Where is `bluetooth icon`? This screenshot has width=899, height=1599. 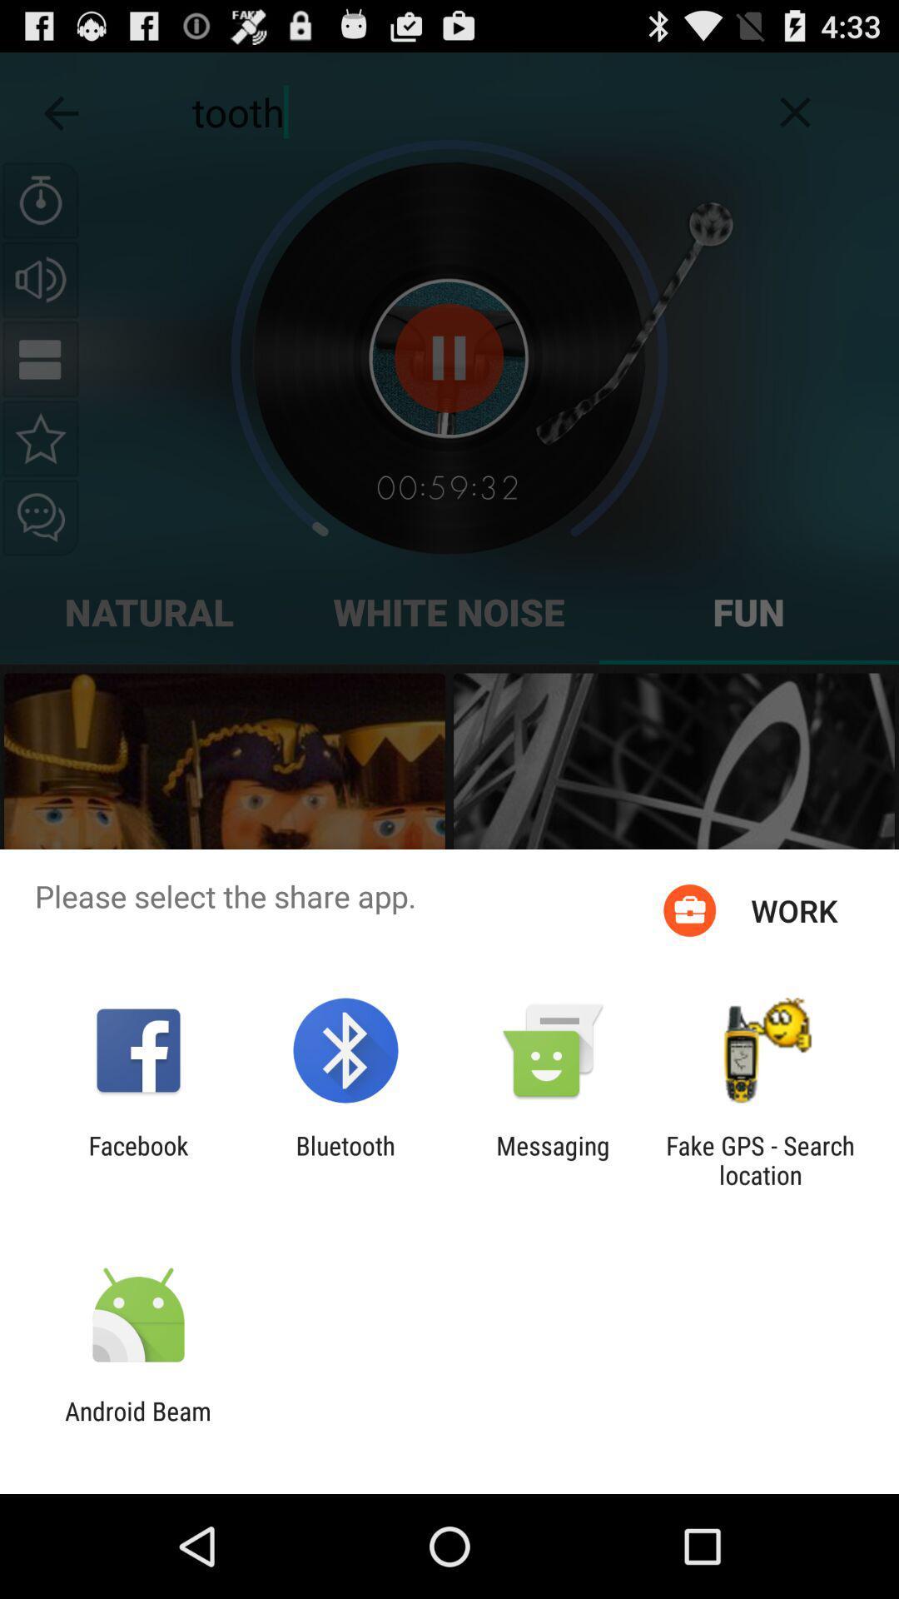
bluetooth icon is located at coordinates (345, 1159).